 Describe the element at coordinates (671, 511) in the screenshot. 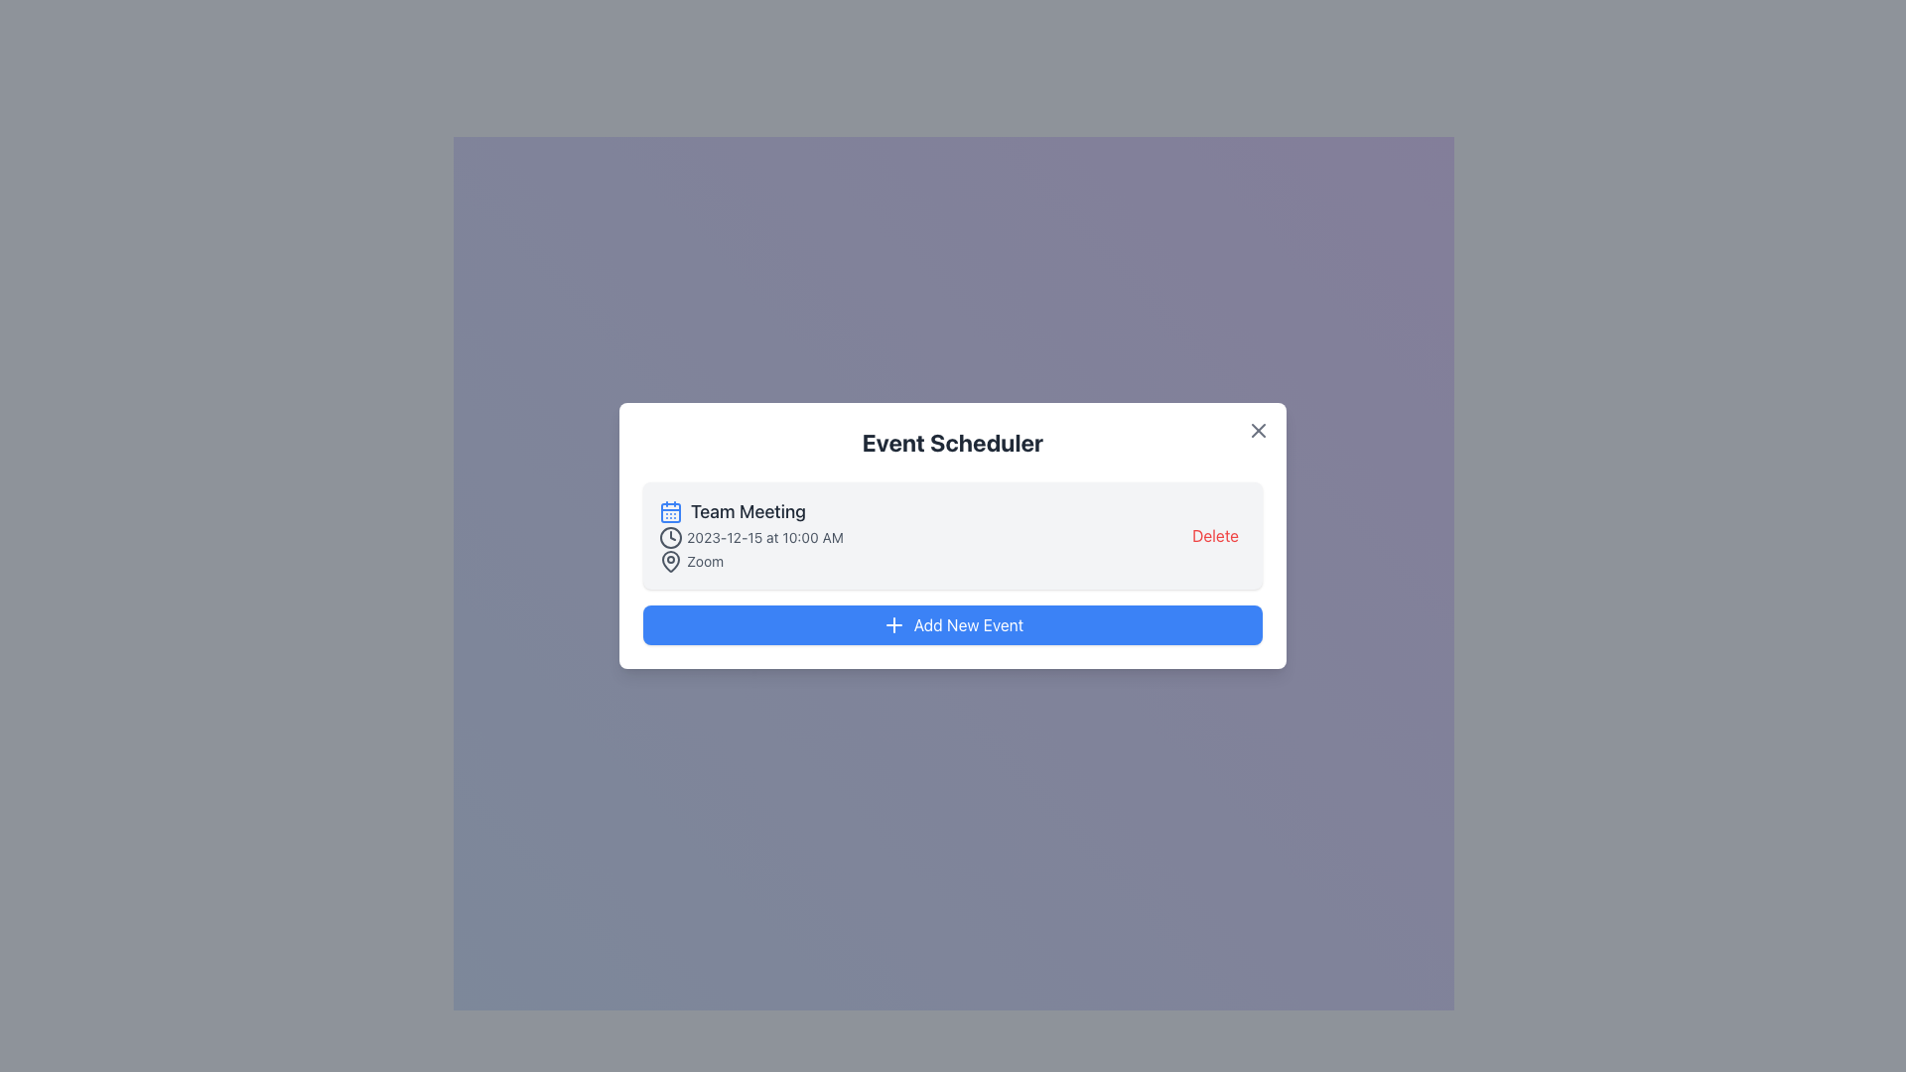

I see `the small rectangular shape with rounded corners that represents the main date display area of the calendar icon, located to the left of the 'Team Meeting' title within the 'Event Scheduler' modal` at that location.